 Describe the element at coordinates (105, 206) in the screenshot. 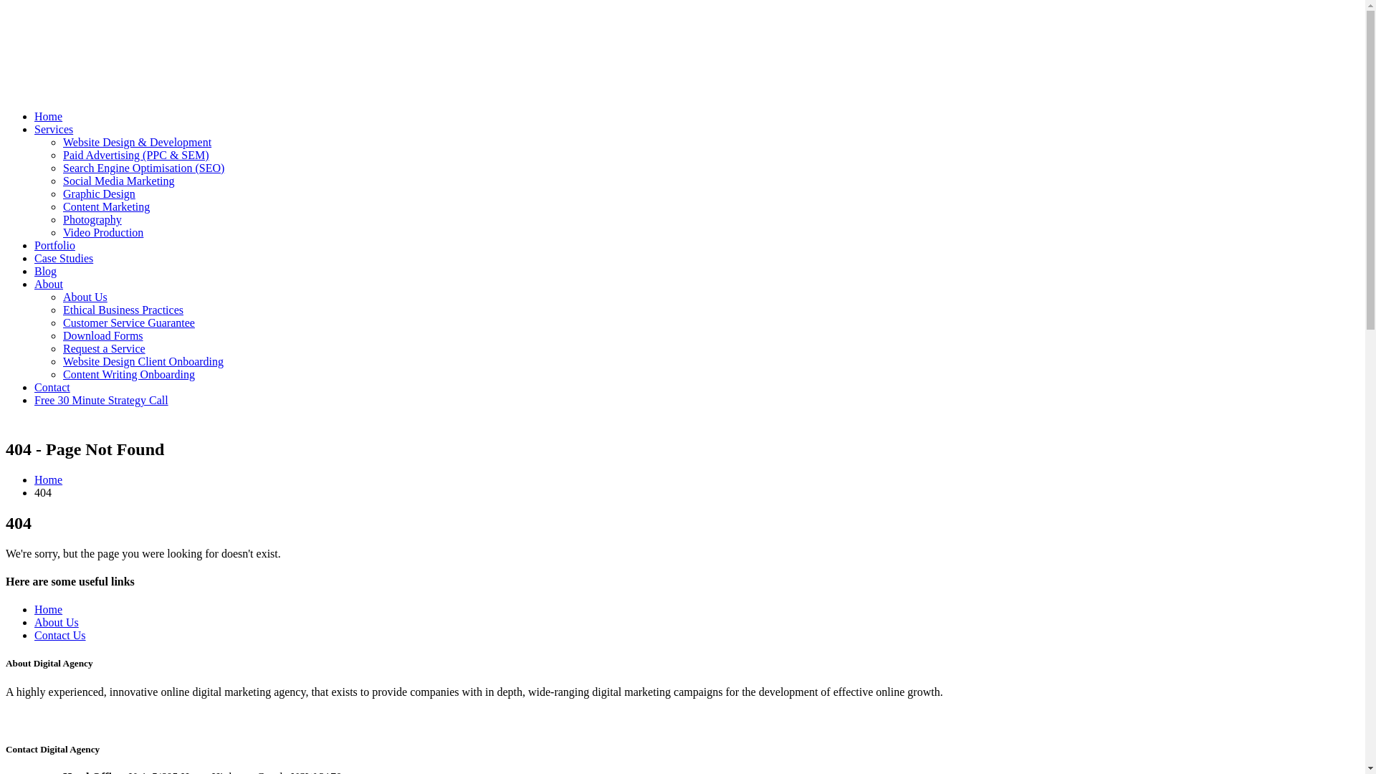

I see `'Content Marketing'` at that location.